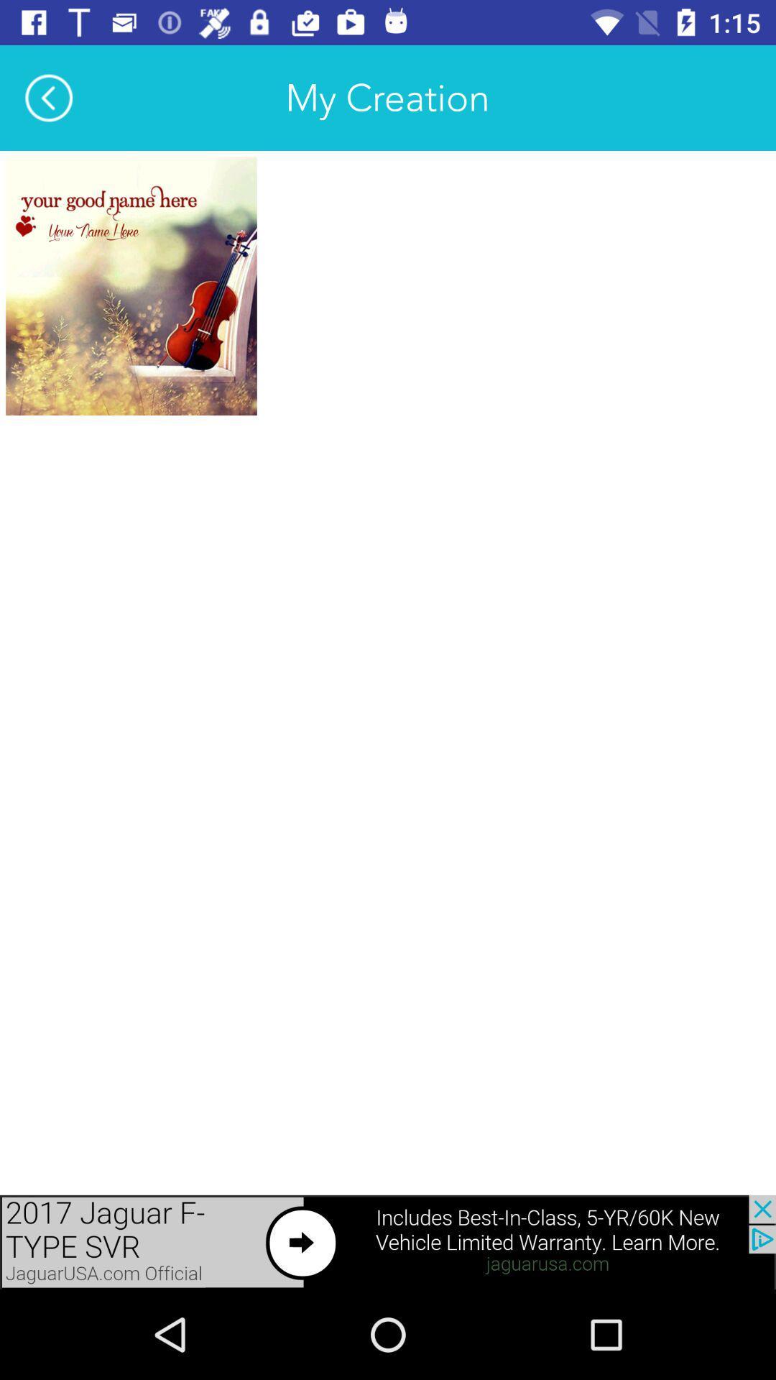 This screenshot has width=776, height=1380. Describe the element at coordinates (131, 286) in the screenshot. I see `the adversitement` at that location.